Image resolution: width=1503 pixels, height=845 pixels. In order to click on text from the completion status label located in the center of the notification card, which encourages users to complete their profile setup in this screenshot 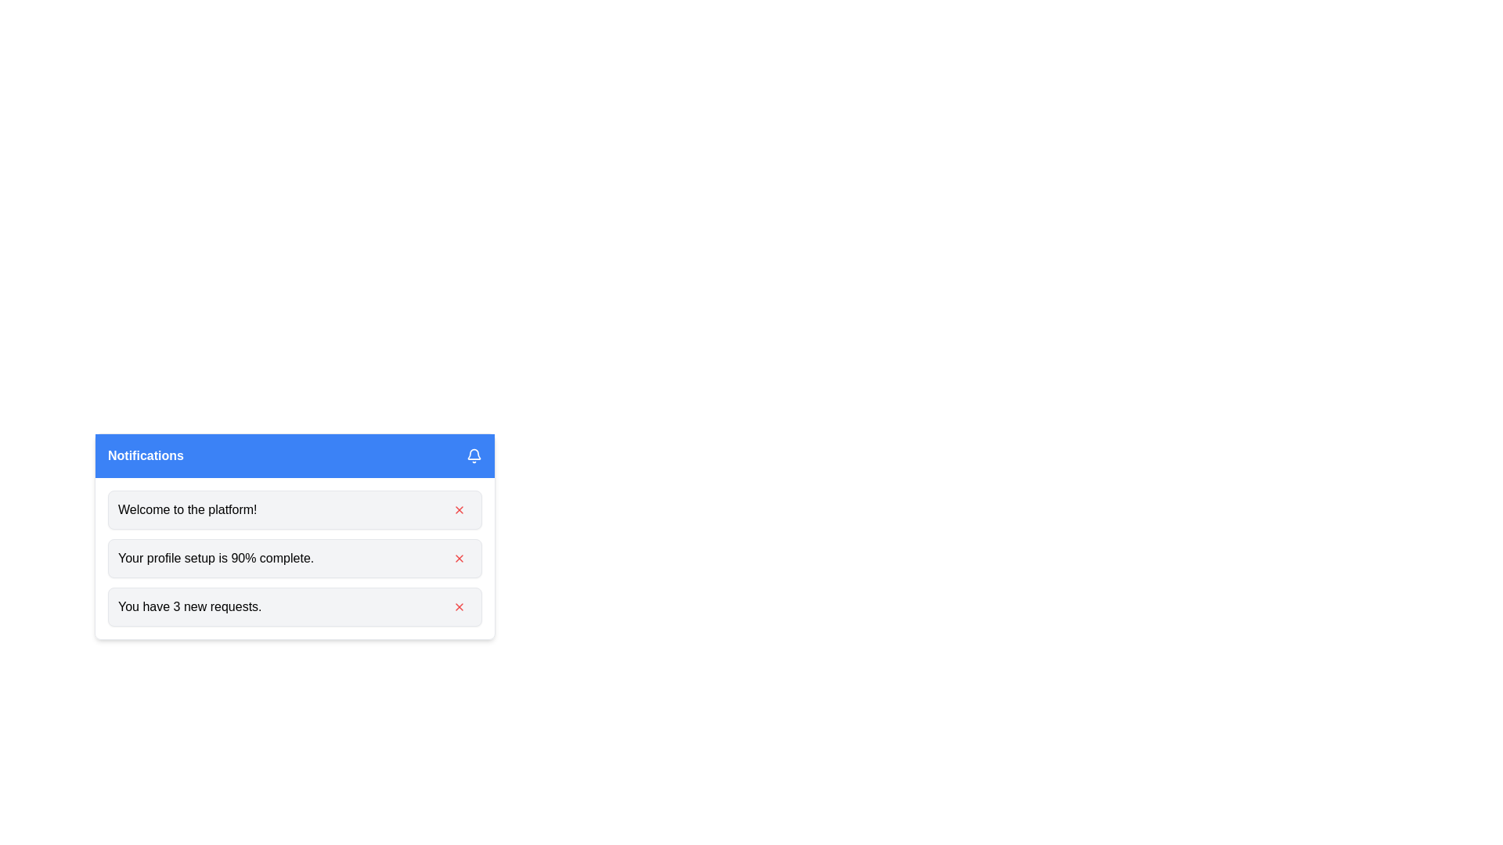, I will do `click(215, 557)`.